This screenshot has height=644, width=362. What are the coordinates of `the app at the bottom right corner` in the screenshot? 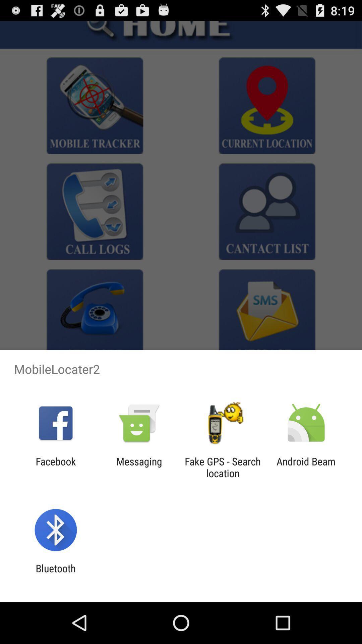 It's located at (306, 467).